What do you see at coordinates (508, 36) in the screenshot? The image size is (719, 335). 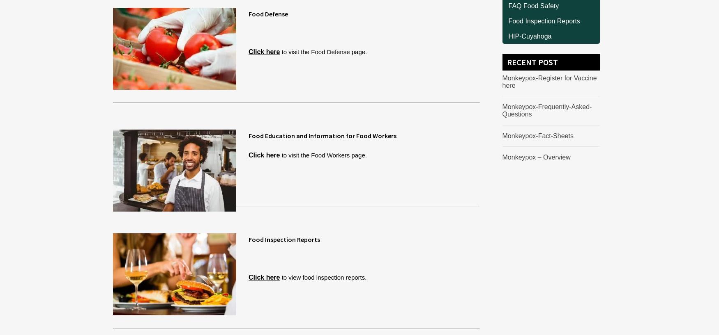 I see `'HIP-Cuyahoga'` at bounding box center [508, 36].